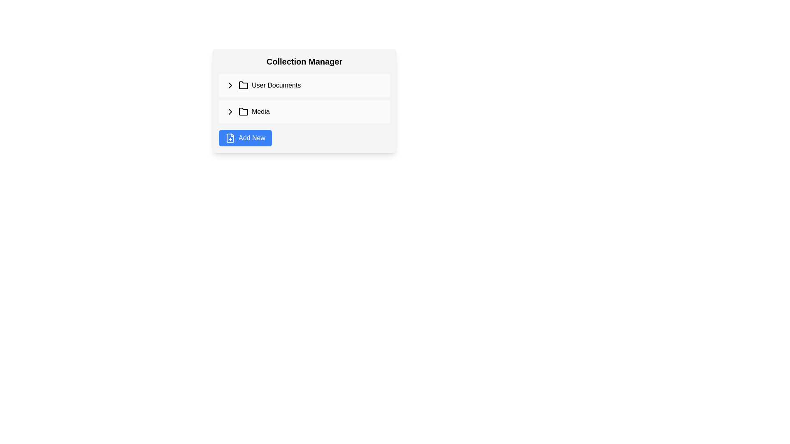 The height and width of the screenshot is (444, 790). What do you see at coordinates (251, 137) in the screenshot?
I see `the label of the button located in the bottom-left corner of the 'Collection Manager' interface, which is directly to the right of the file-plus icon` at bounding box center [251, 137].